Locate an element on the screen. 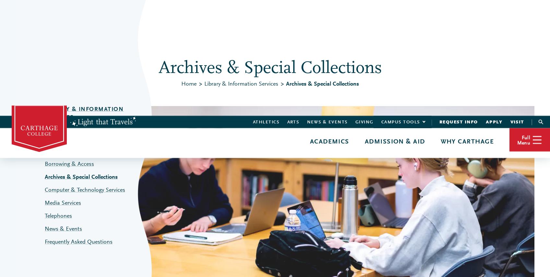 The width and height of the screenshot is (550, 277). 'Life at Carthage' is located at coordinates (360, 54).